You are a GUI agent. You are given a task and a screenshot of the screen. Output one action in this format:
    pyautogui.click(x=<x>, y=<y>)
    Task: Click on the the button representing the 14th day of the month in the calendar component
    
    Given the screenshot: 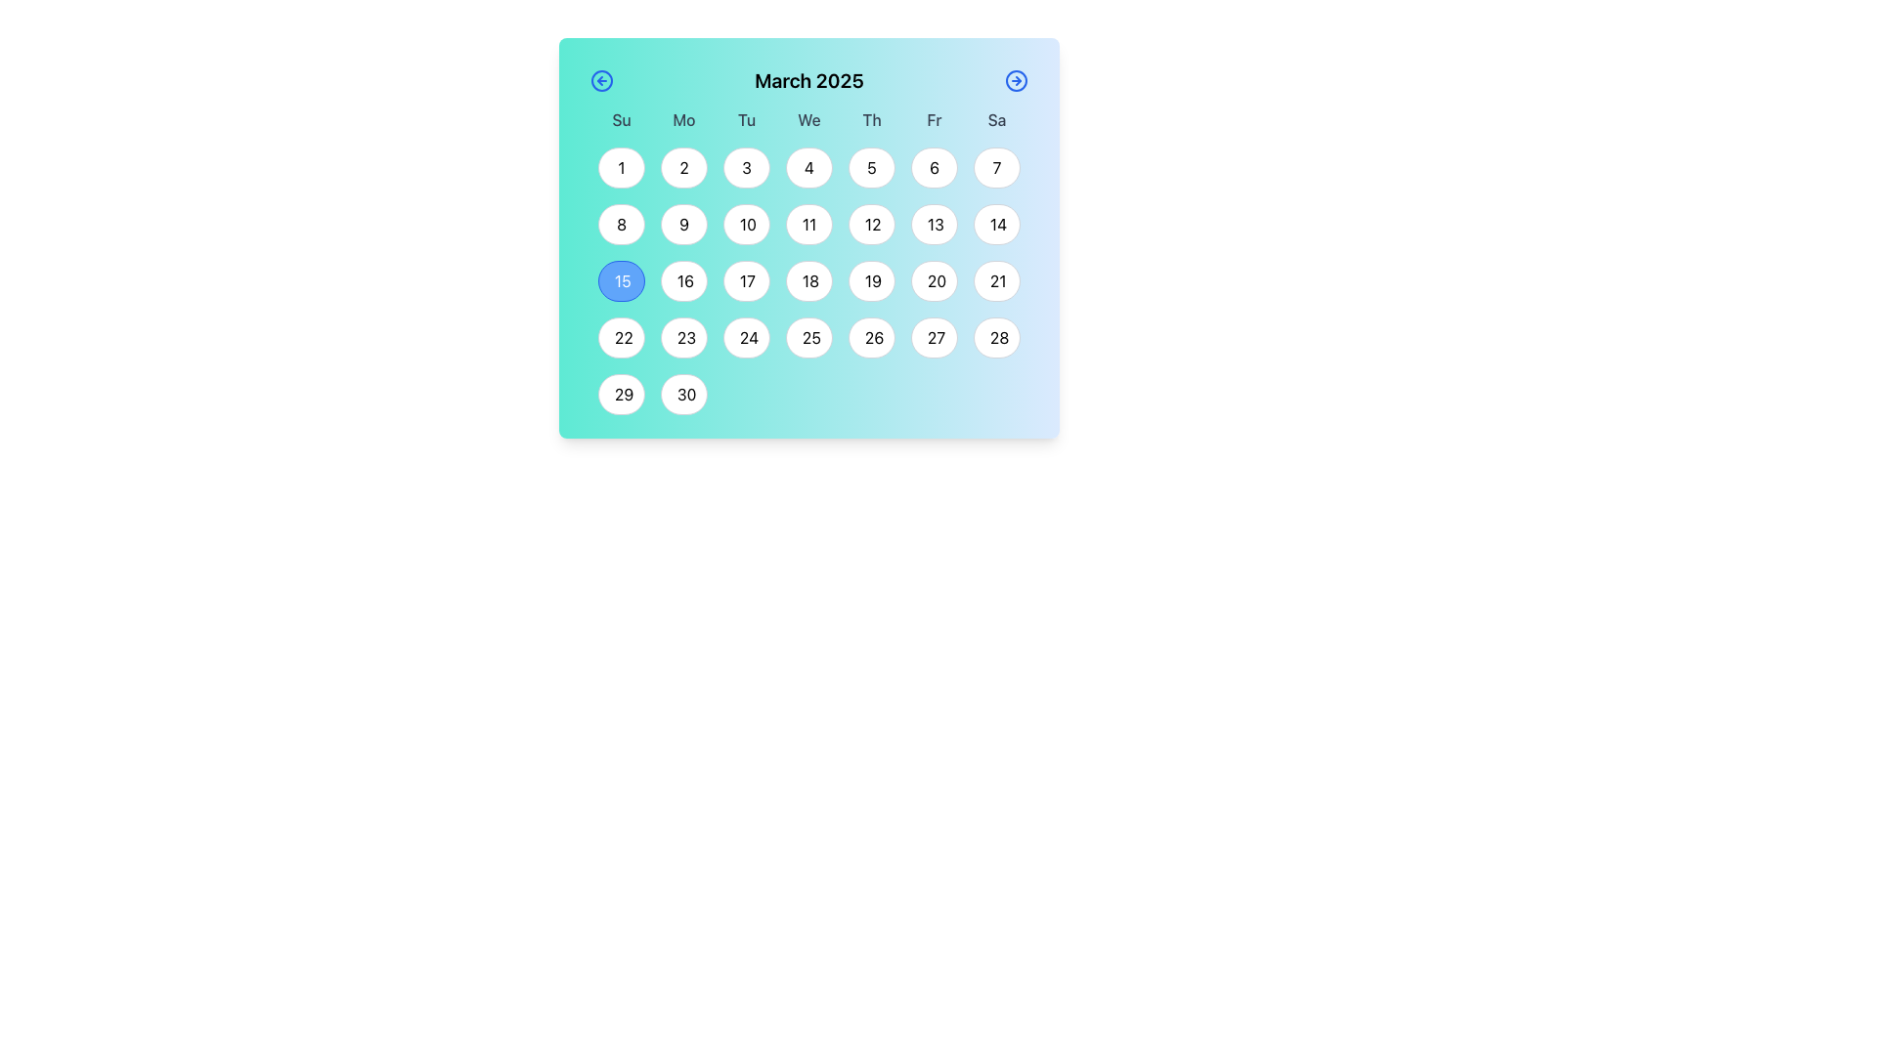 What is the action you would take?
    pyautogui.click(x=996, y=224)
    